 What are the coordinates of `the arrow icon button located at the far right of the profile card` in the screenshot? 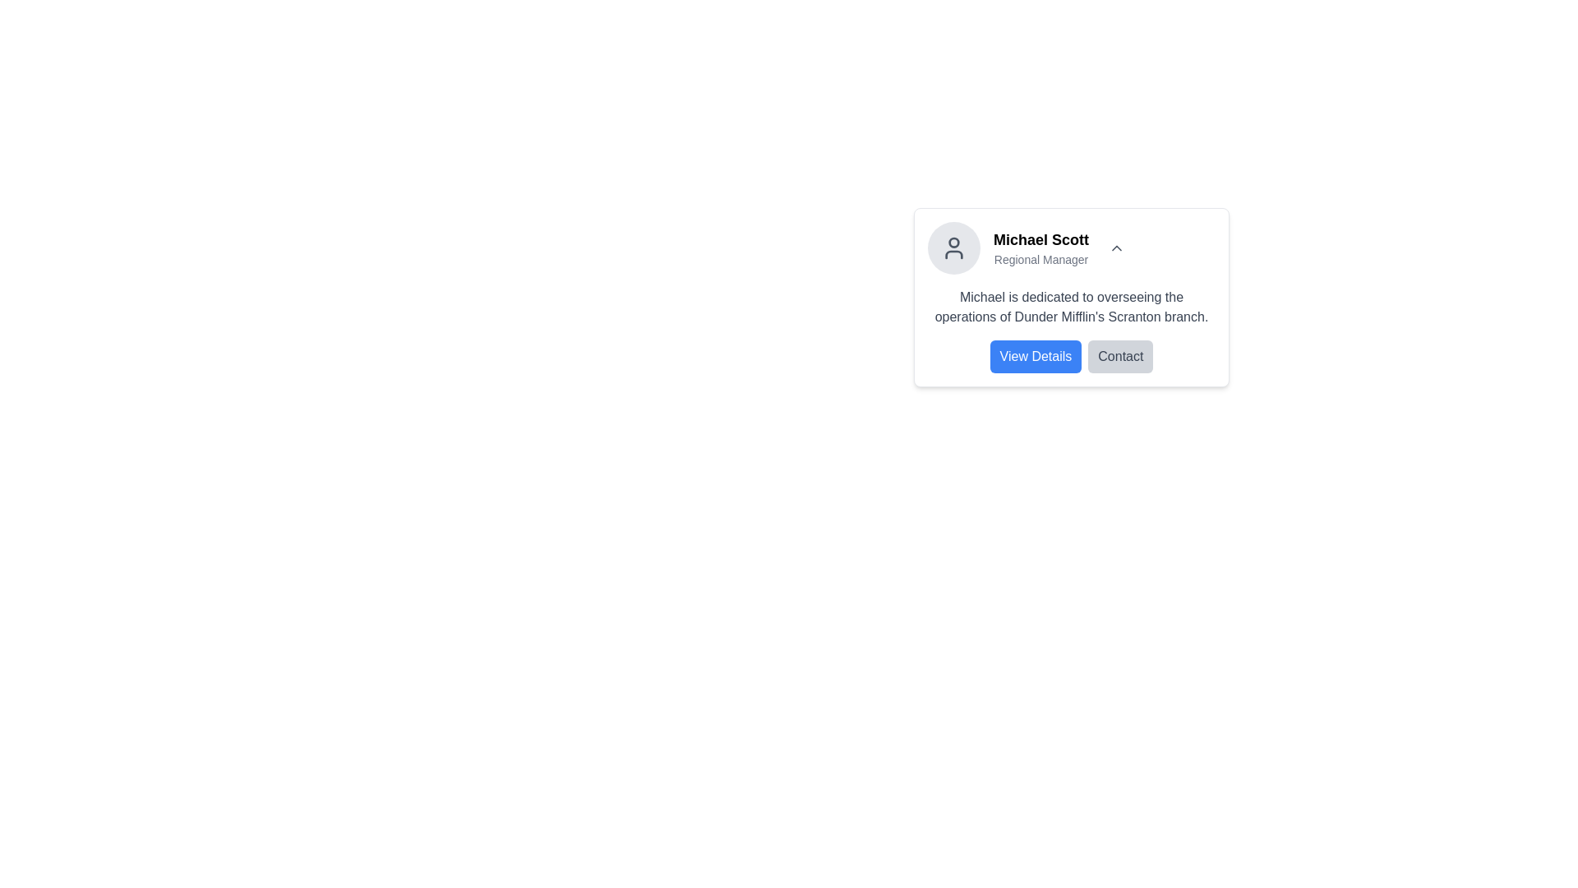 It's located at (1116, 247).